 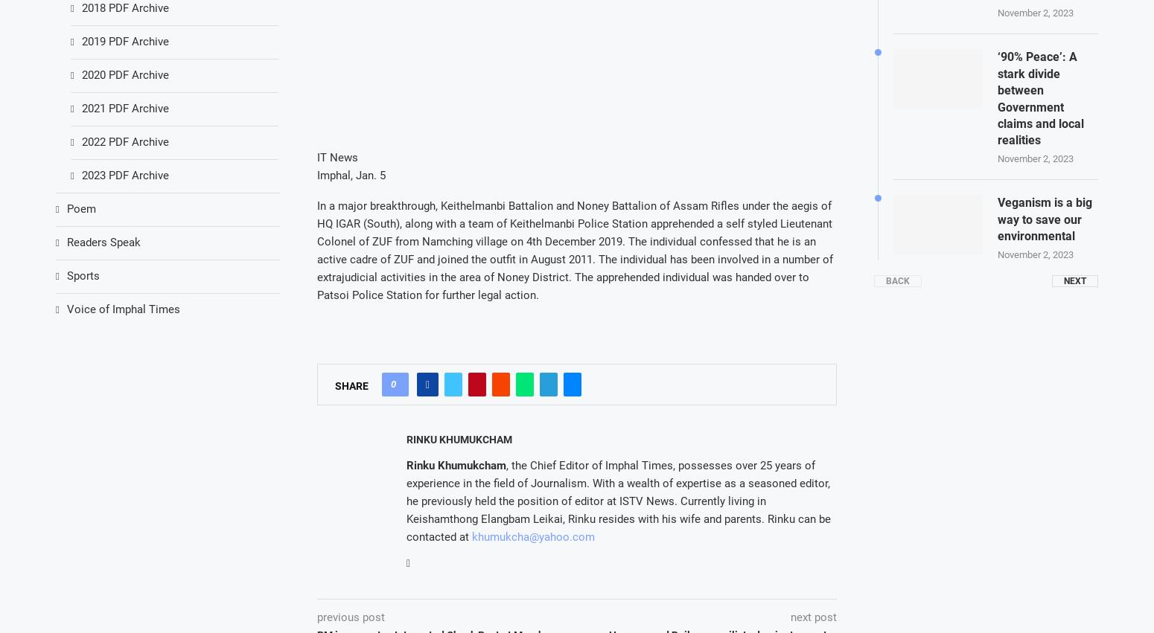 What do you see at coordinates (392, 384) in the screenshot?
I see `'0'` at bounding box center [392, 384].